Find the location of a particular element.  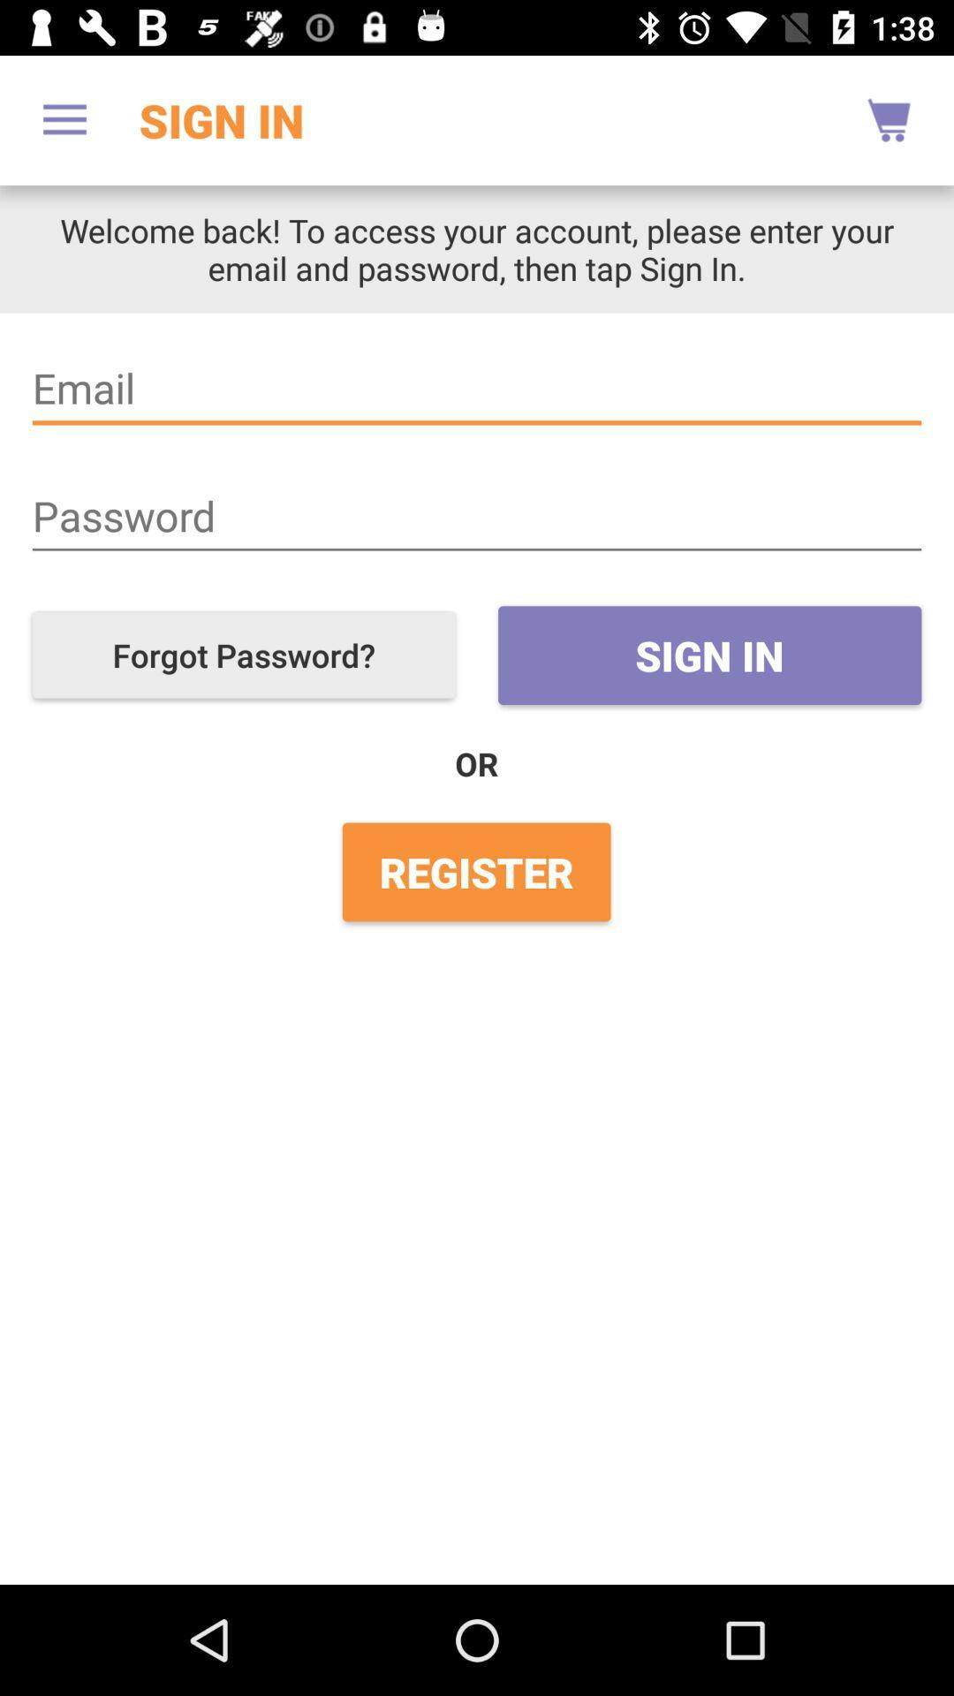

the icon to the left of sign in item is located at coordinates (244, 654).